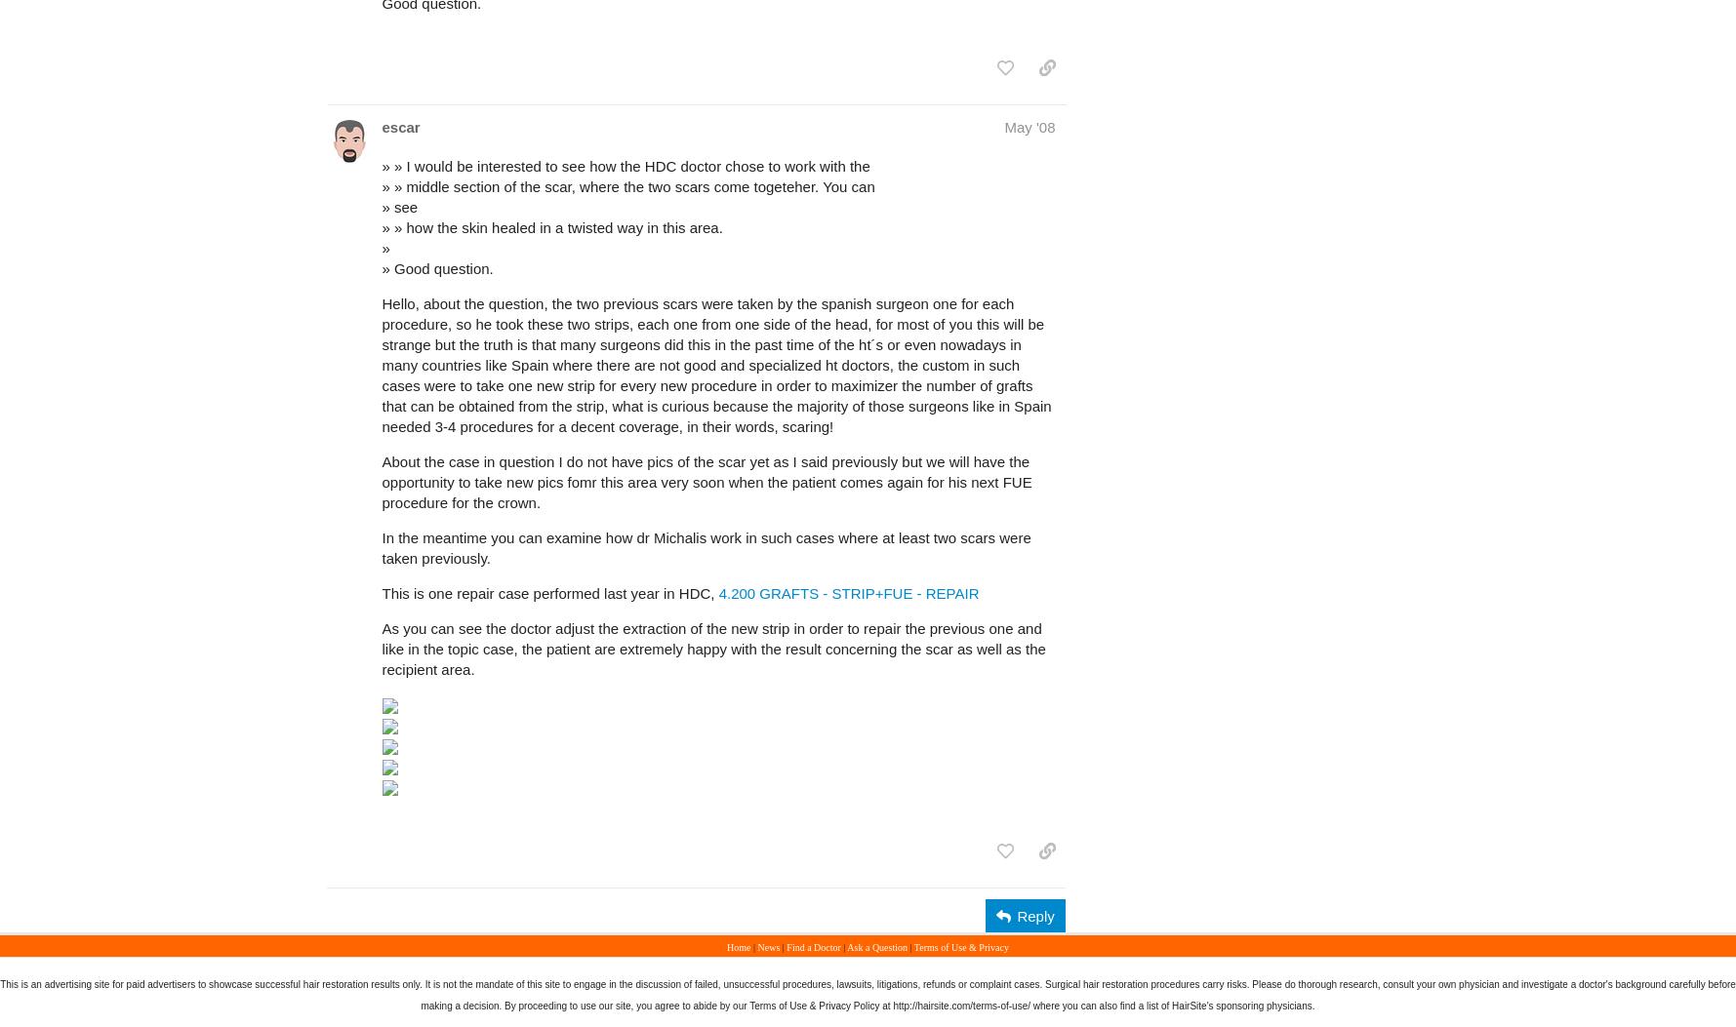  What do you see at coordinates (399, 126) in the screenshot?
I see `'escar'` at bounding box center [399, 126].